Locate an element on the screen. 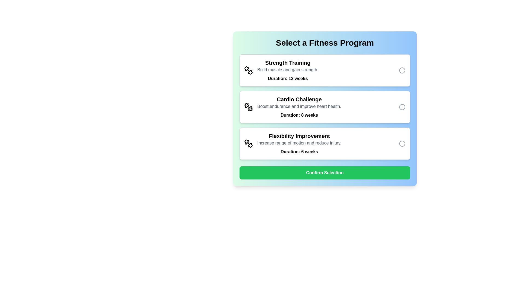 The height and width of the screenshot is (295, 525). the text field displaying 'Increase range of motion and reduce injury.' which is positioned below the title 'Flexibility Improvement.' is located at coordinates (299, 143).